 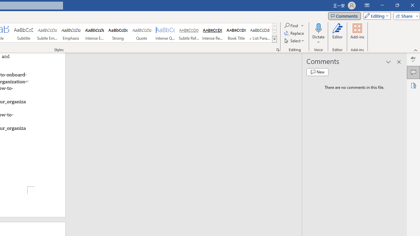 I want to click on 'New comment', so click(x=317, y=72).